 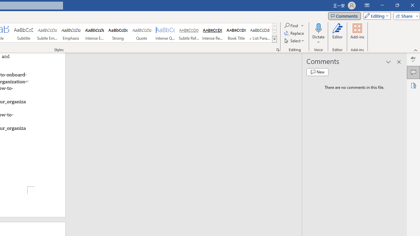 I want to click on 'New comment', so click(x=317, y=72).